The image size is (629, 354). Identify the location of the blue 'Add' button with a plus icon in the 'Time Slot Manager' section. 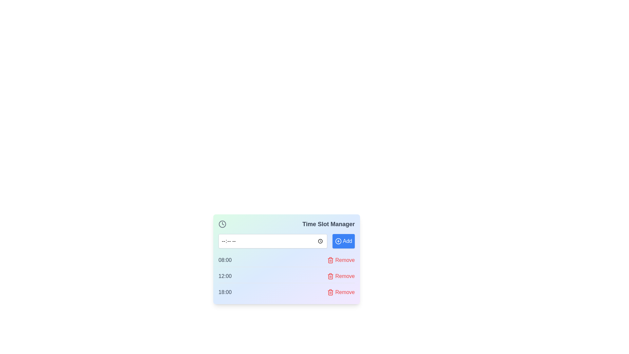
(343, 241).